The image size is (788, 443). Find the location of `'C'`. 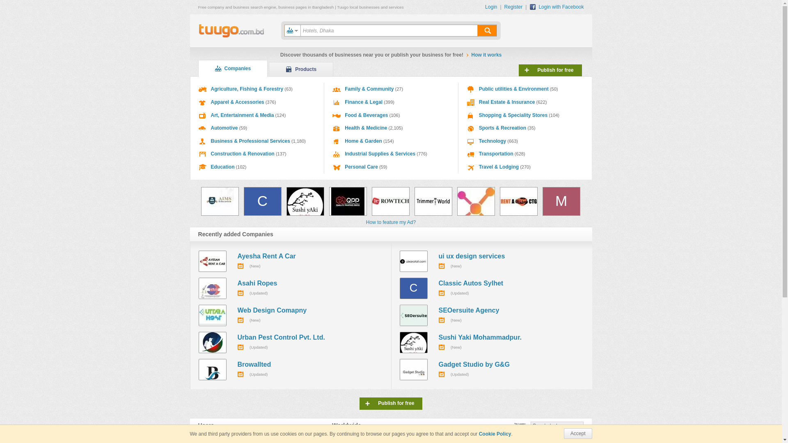

'C' is located at coordinates (243, 201).